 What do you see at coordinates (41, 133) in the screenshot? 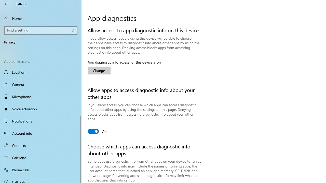
I see `'Account info'` at bounding box center [41, 133].